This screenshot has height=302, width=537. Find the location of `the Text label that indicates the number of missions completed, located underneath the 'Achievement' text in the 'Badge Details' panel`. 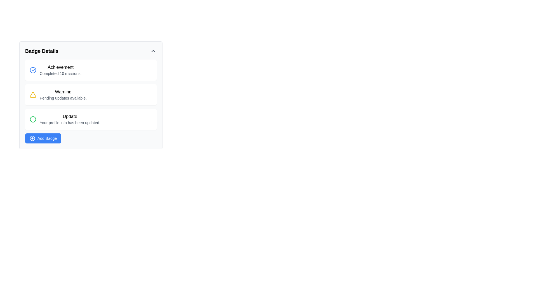

the Text label that indicates the number of missions completed, located underneath the 'Achievement' text in the 'Badge Details' panel is located at coordinates (60, 73).